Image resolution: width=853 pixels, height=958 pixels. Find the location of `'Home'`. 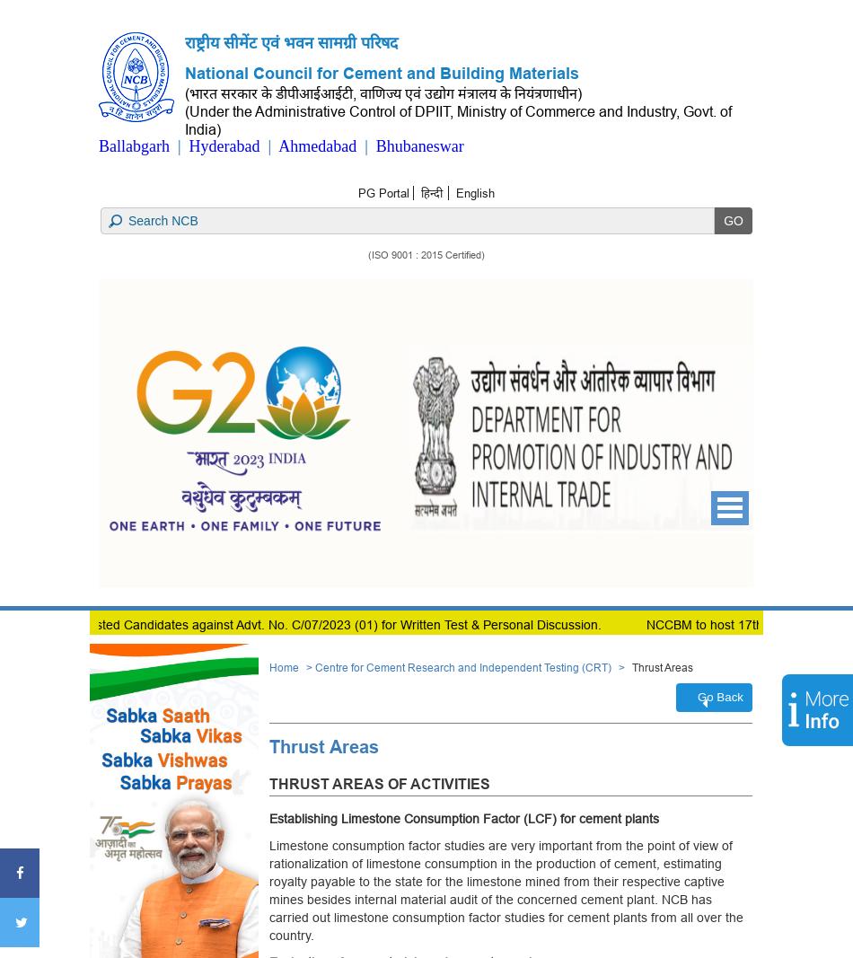

'Home' is located at coordinates (282, 665).